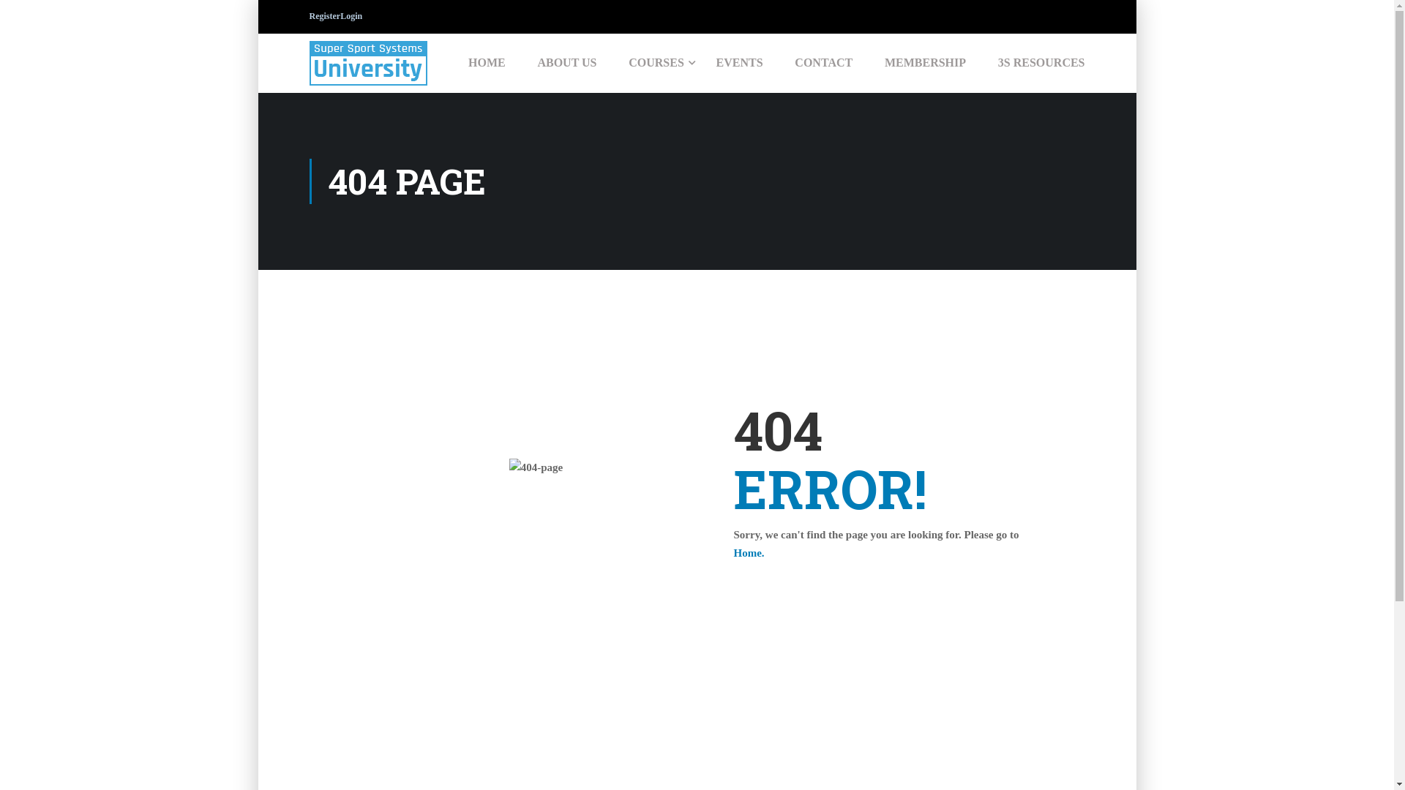  I want to click on 'Home.', so click(748, 553).